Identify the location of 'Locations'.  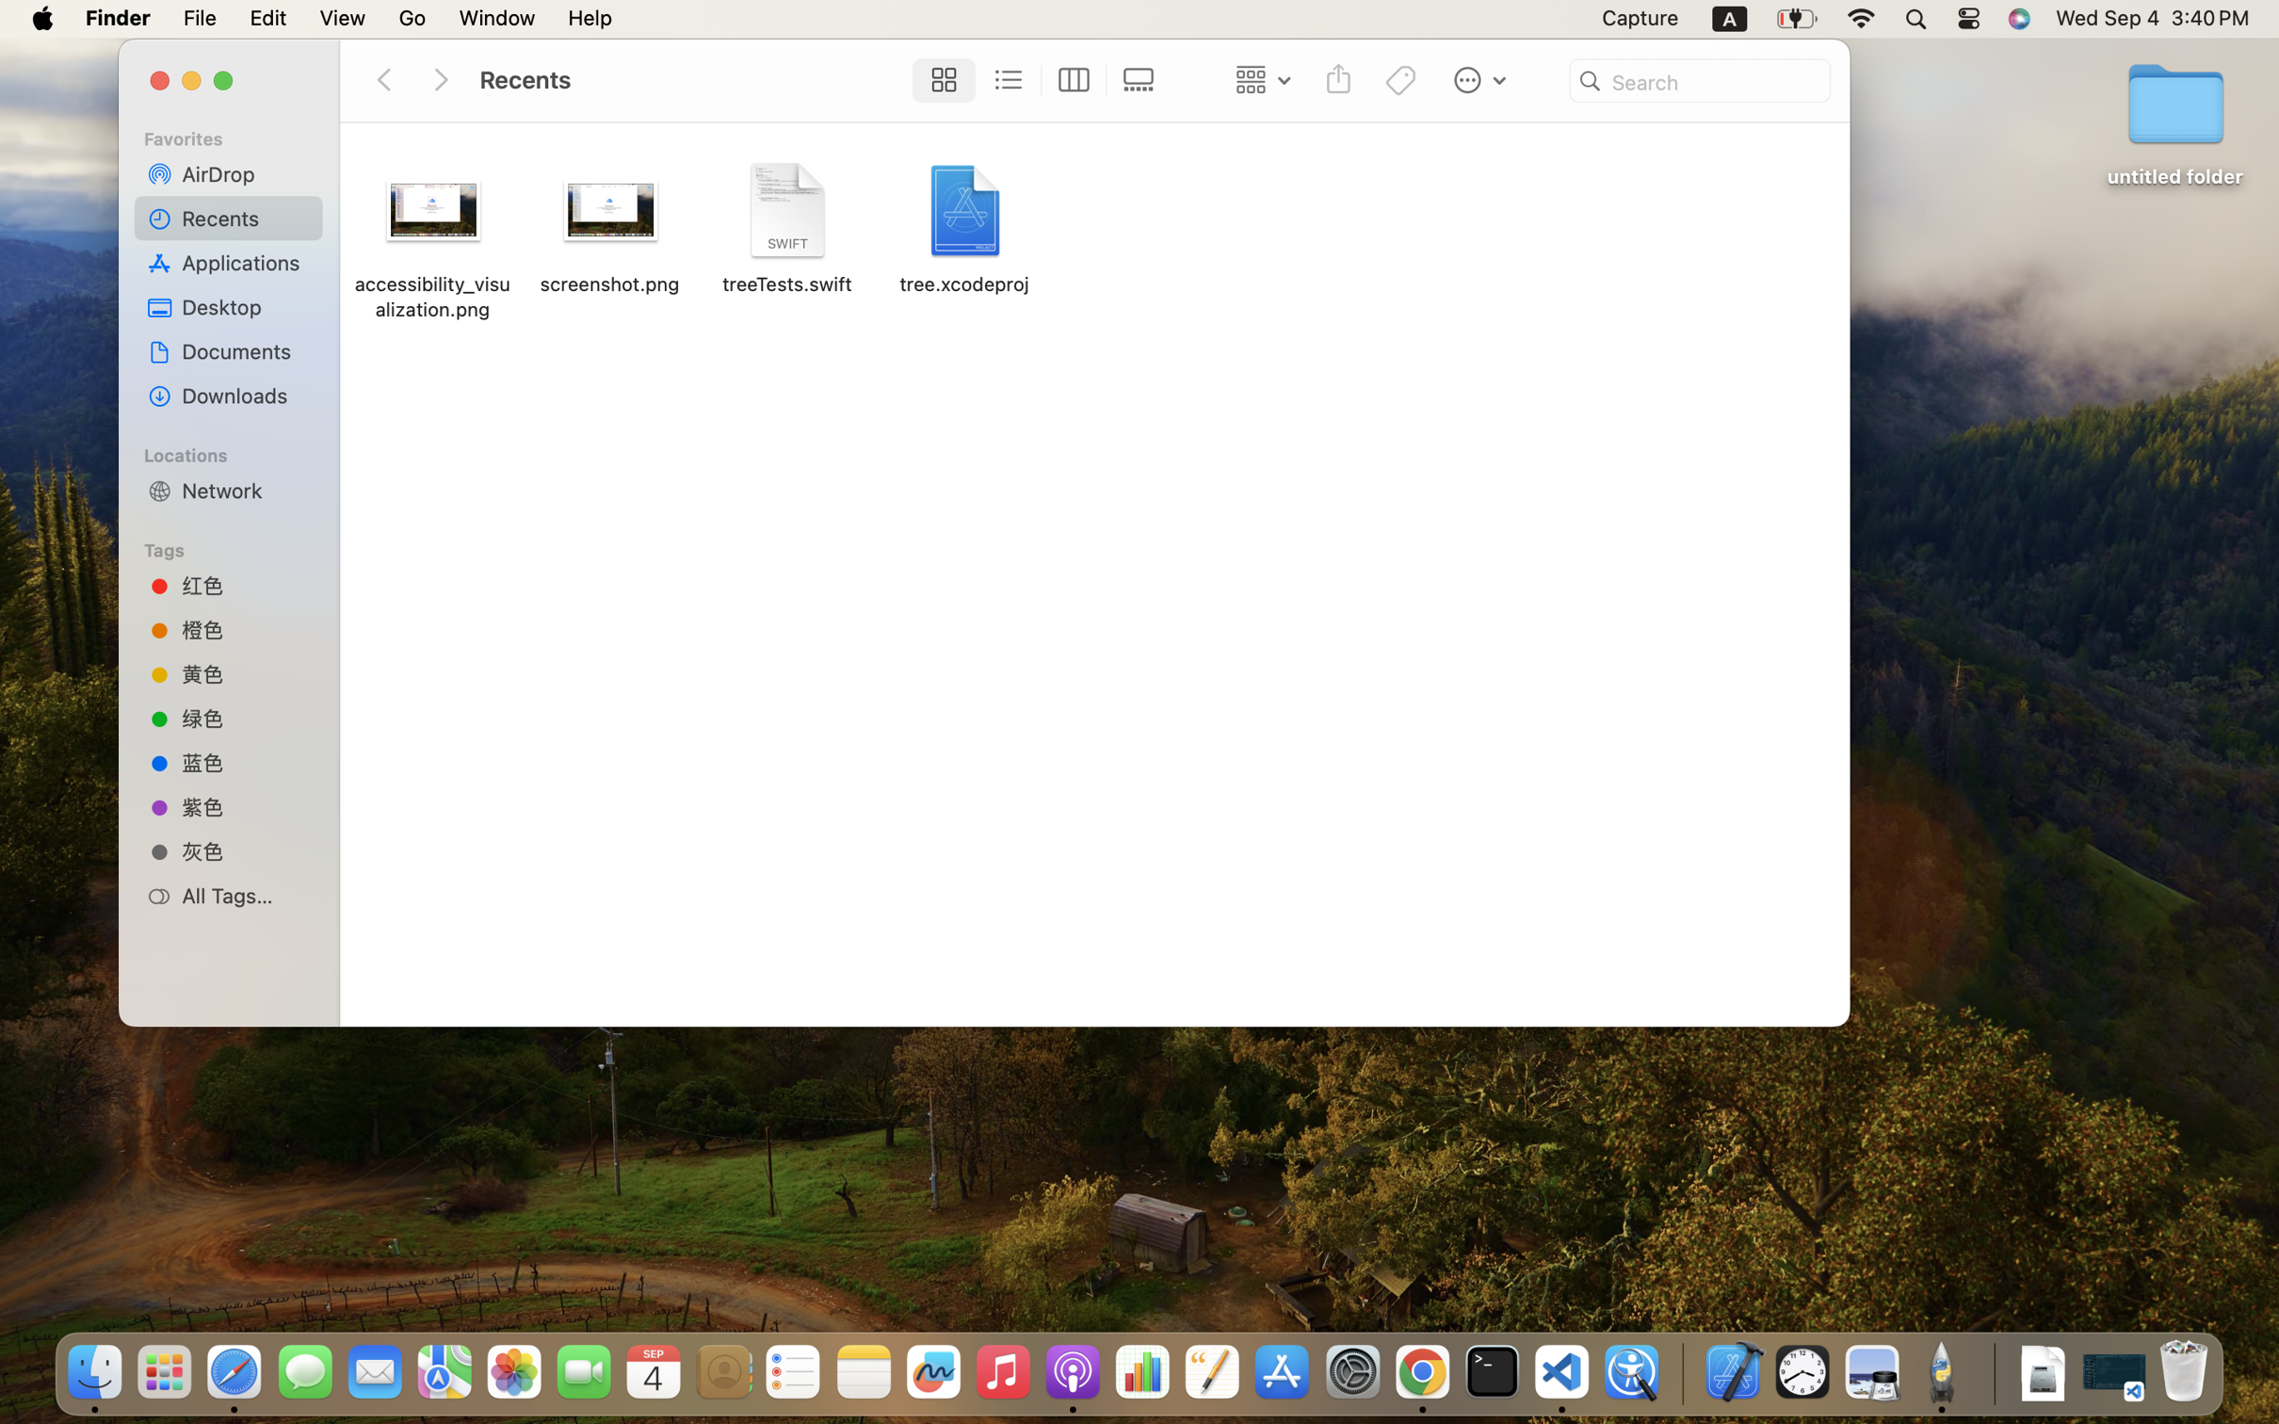
(236, 452).